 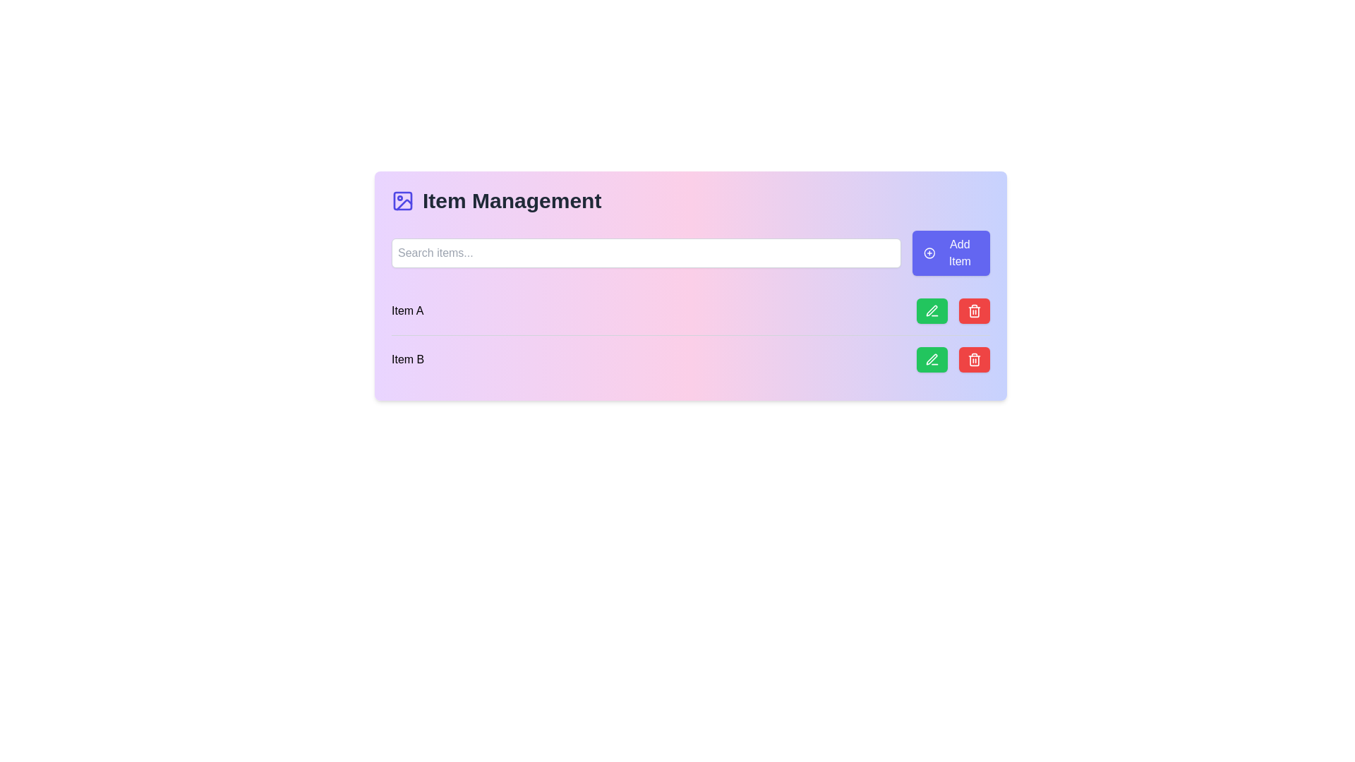 What do you see at coordinates (929, 252) in the screenshot?
I see `the circular icon representing the 'Add Item' button located at the top-right corner of the interface` at bounding box center [929, 252].